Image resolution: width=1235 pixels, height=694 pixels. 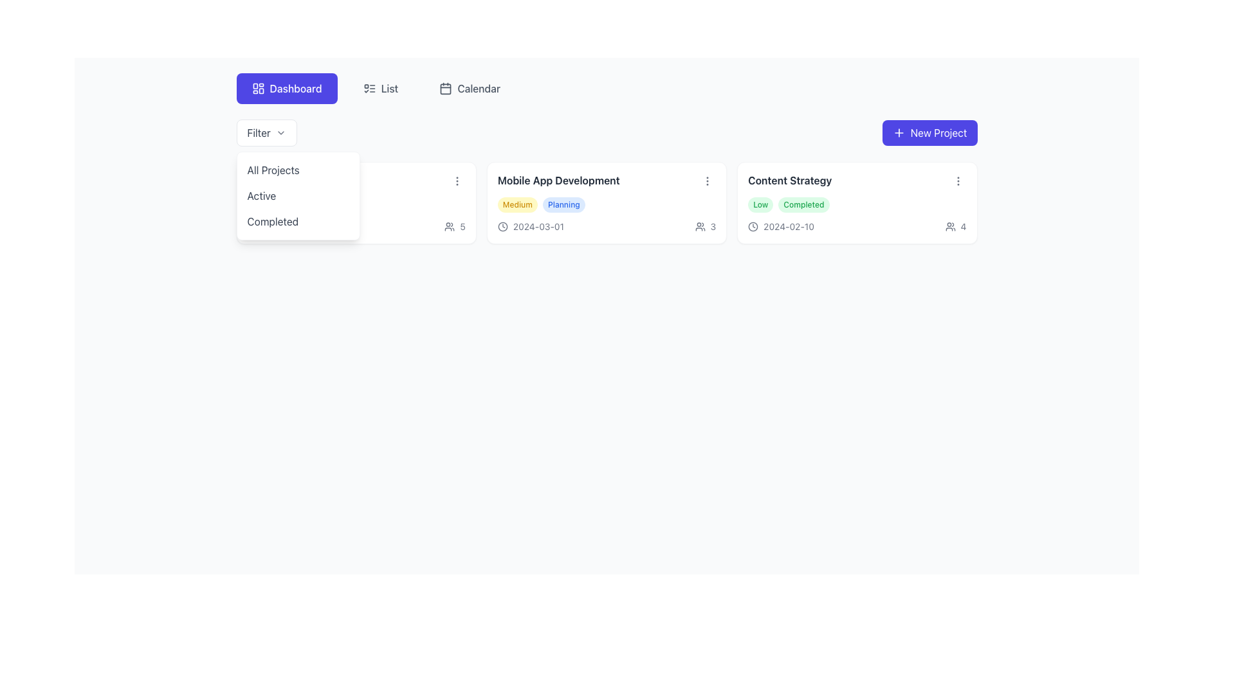 I want to click on the text label reading 'Content Strategy' which is styled in bold, dark gray color, located at the top-left part of a card structure, so click(x=789, y=181).